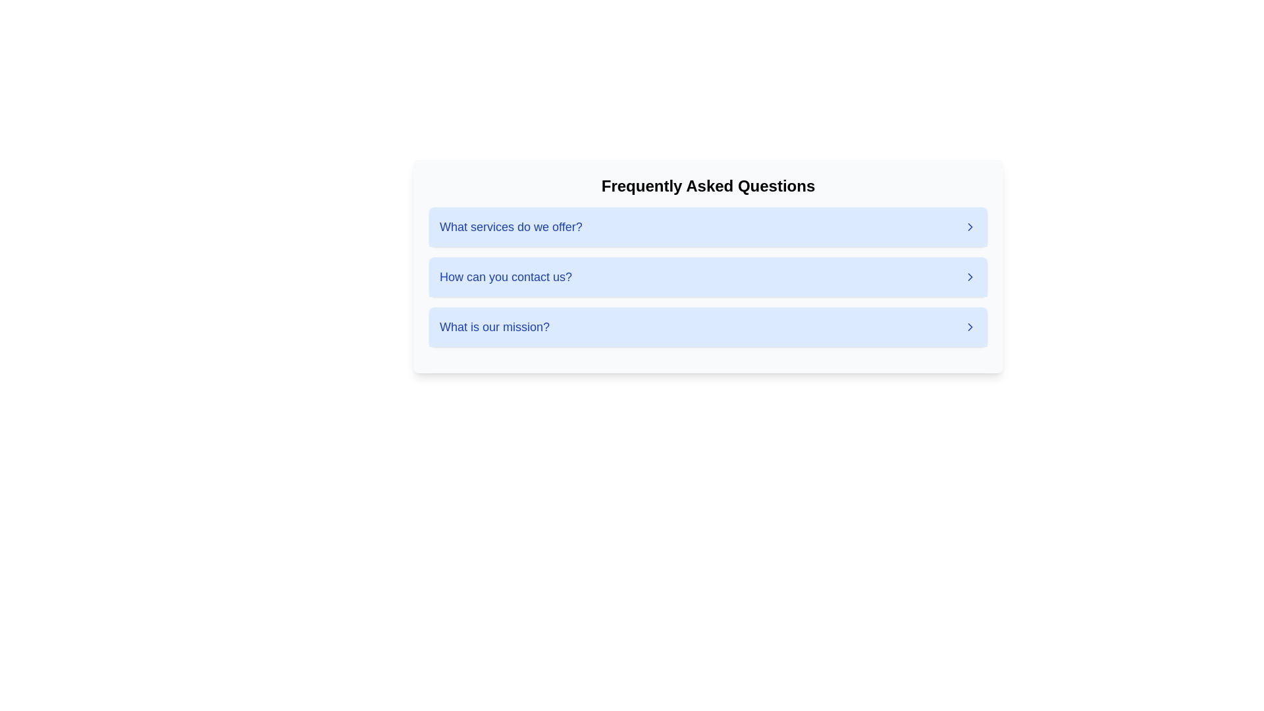 This screenshot has width=1264, height=711. What do you see at coordinates (970, 226) in the screenshot?
I see `the chevron icon styled as an arrow pointing right, located to the far right of the first row in the list of questions, adjacent to the text link 'What services do we offer.'` at bounding box center [970, 226].